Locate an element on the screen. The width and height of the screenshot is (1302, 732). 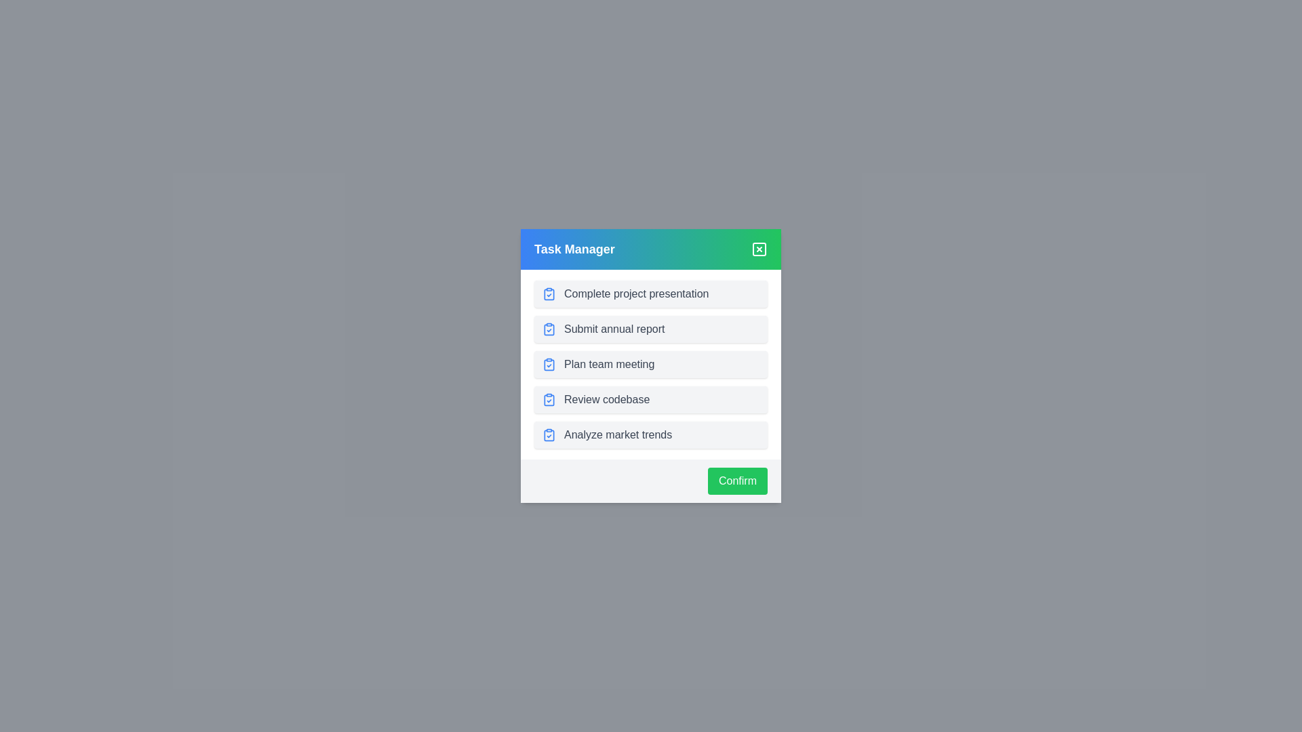
the selected task item in the list is located at coordinates (651, 293).